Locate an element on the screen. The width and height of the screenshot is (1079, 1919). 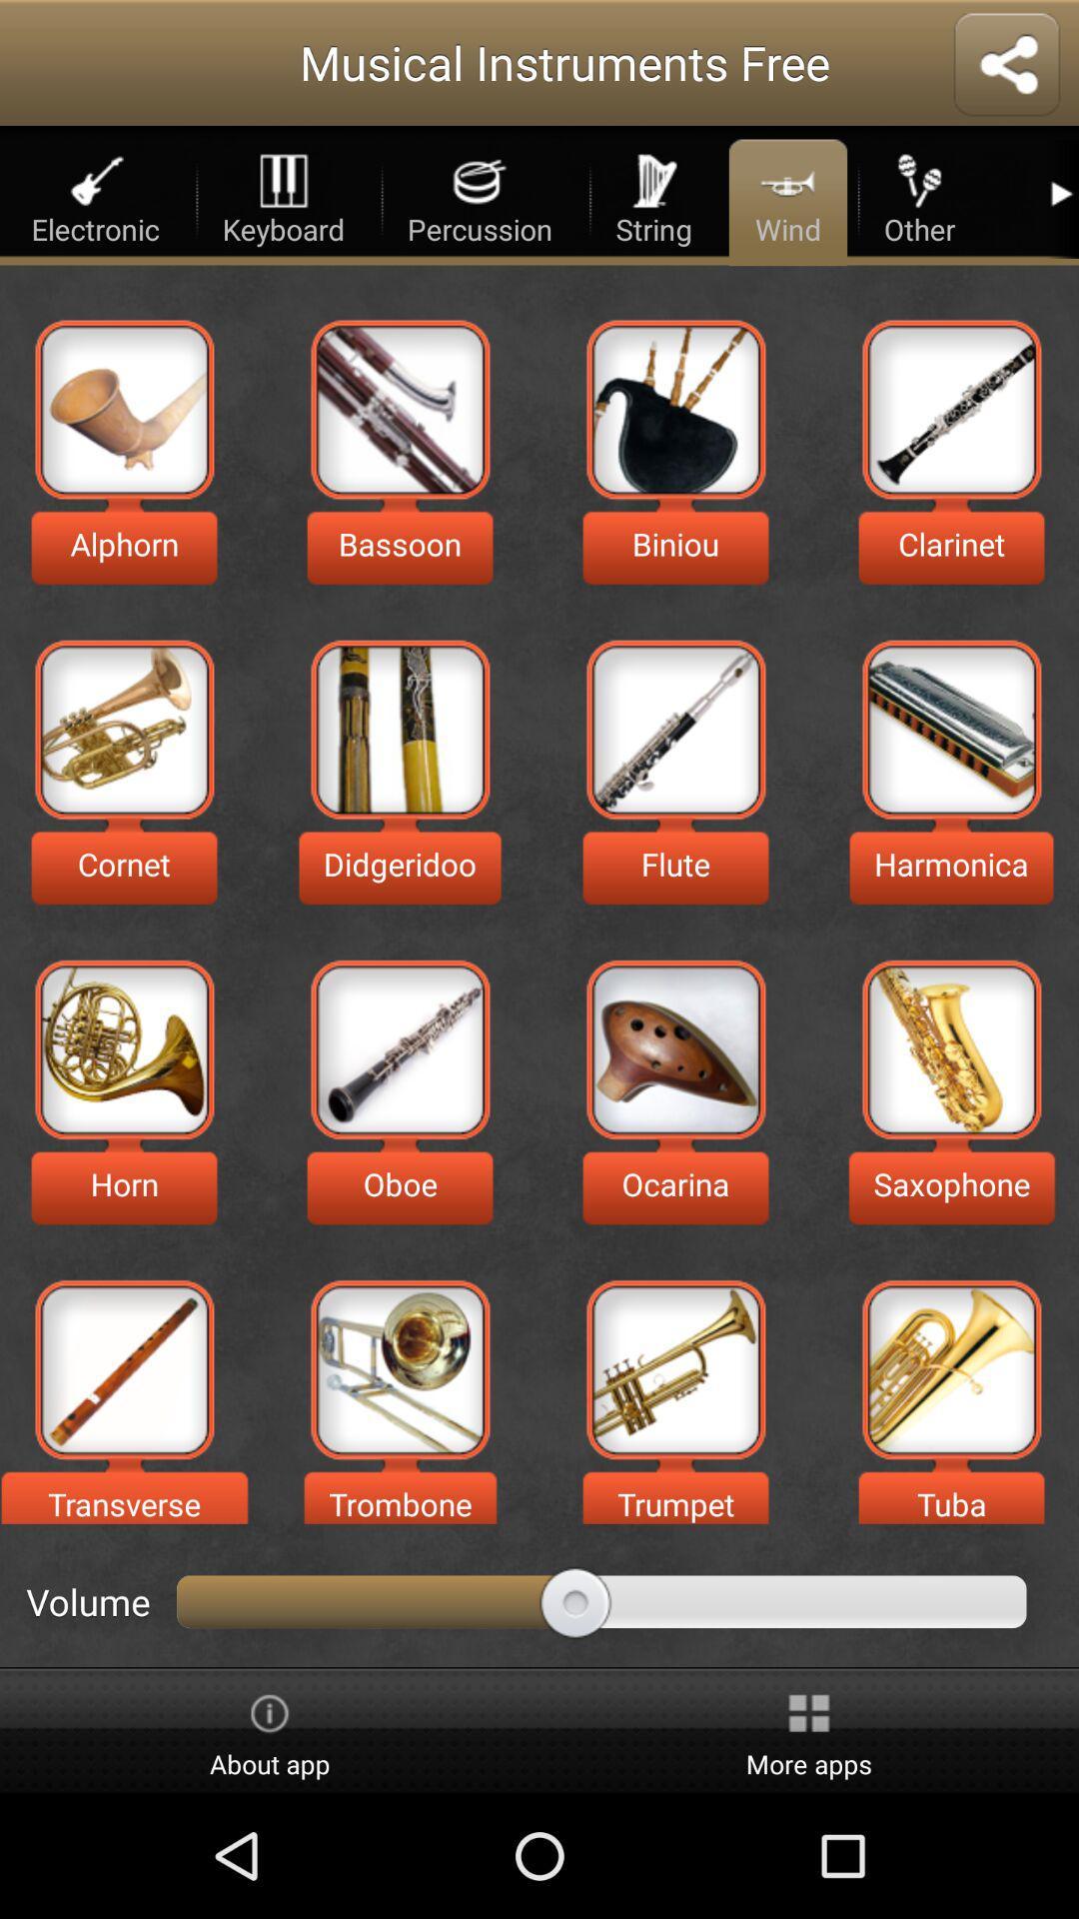
musical icone is located at coordinates (124, 729).